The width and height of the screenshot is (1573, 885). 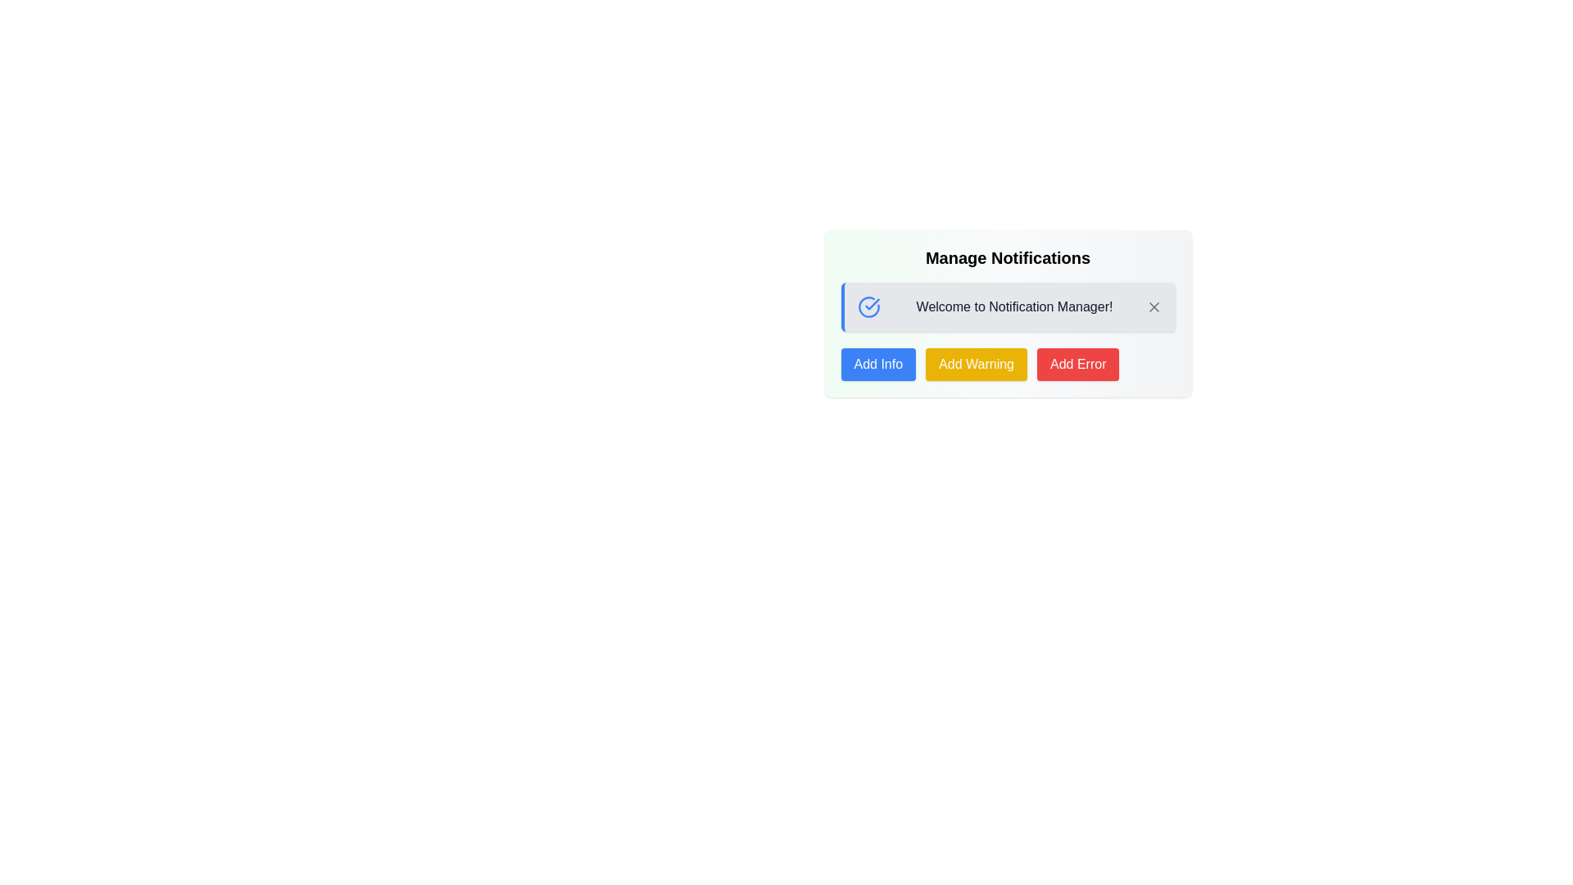 I want to click on the Notification component located centrally in the notification panel below the title 'Manage Notifications' for additional actions, so click(x=1007, y=306).